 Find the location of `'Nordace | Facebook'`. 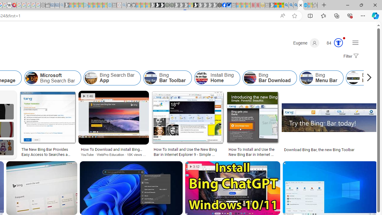

'Nordace | Facebook' is located at coordinates (224, 5).